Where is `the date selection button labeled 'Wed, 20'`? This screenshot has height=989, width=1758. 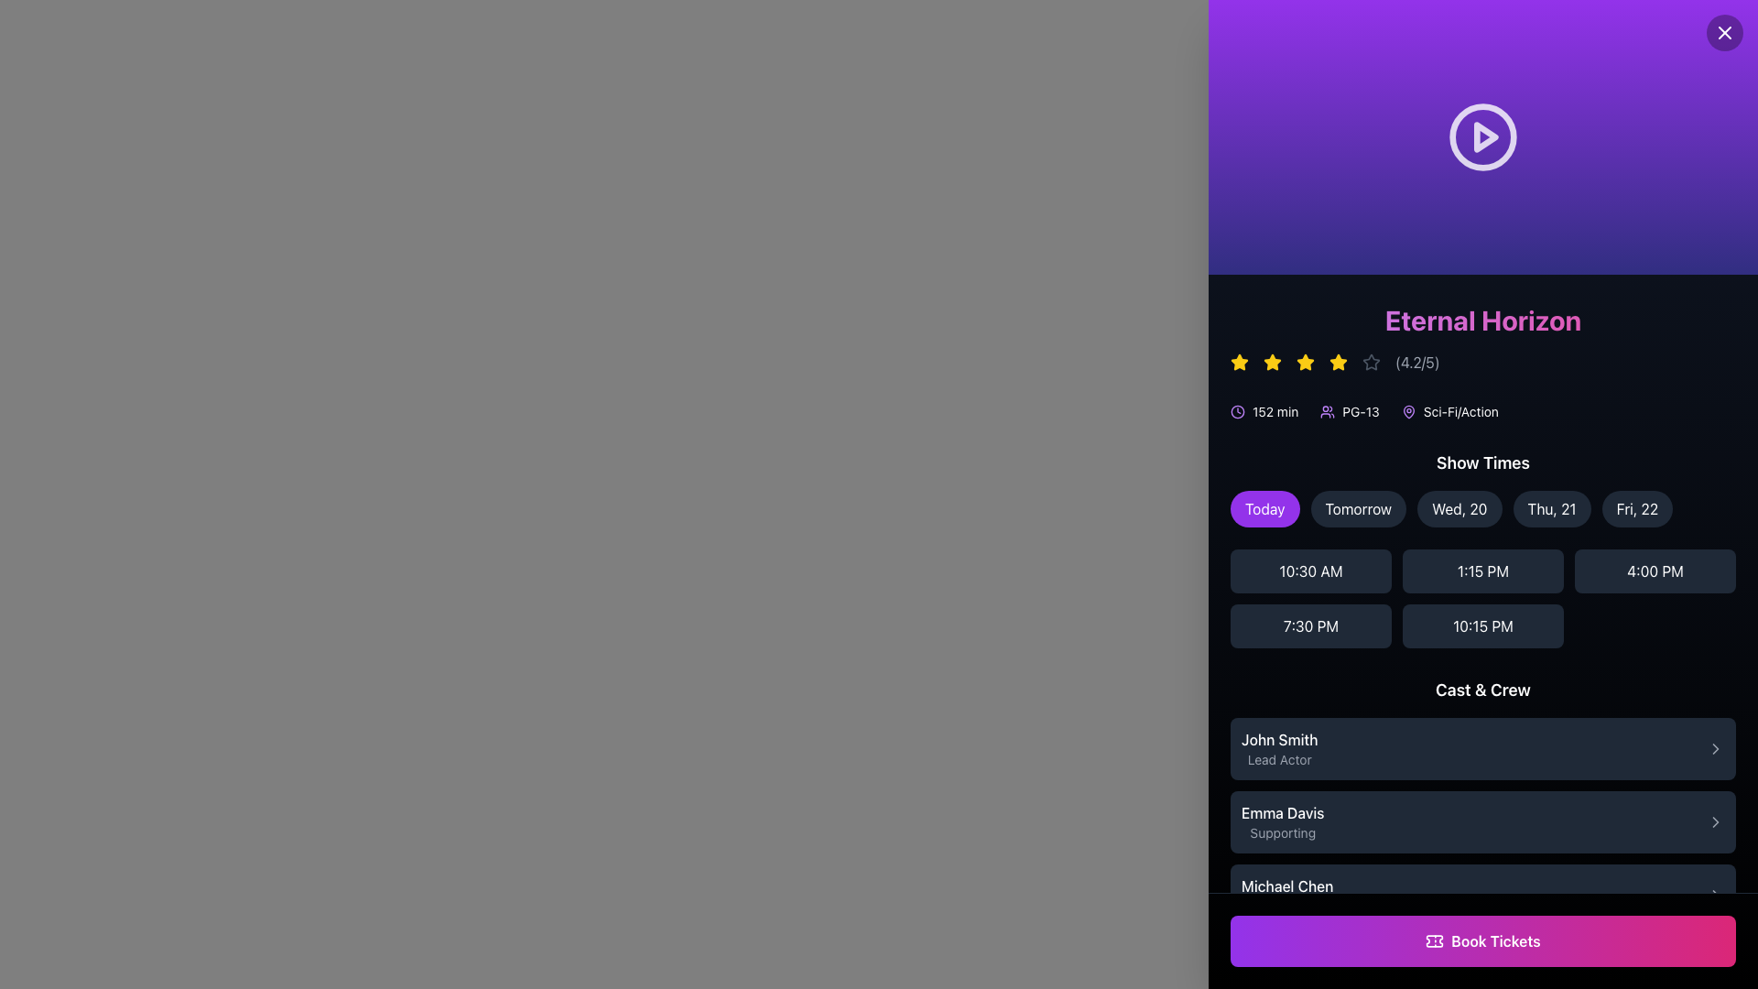 the date selection button labeled 'Wed, 20' is located at coordinates (1459, 508).